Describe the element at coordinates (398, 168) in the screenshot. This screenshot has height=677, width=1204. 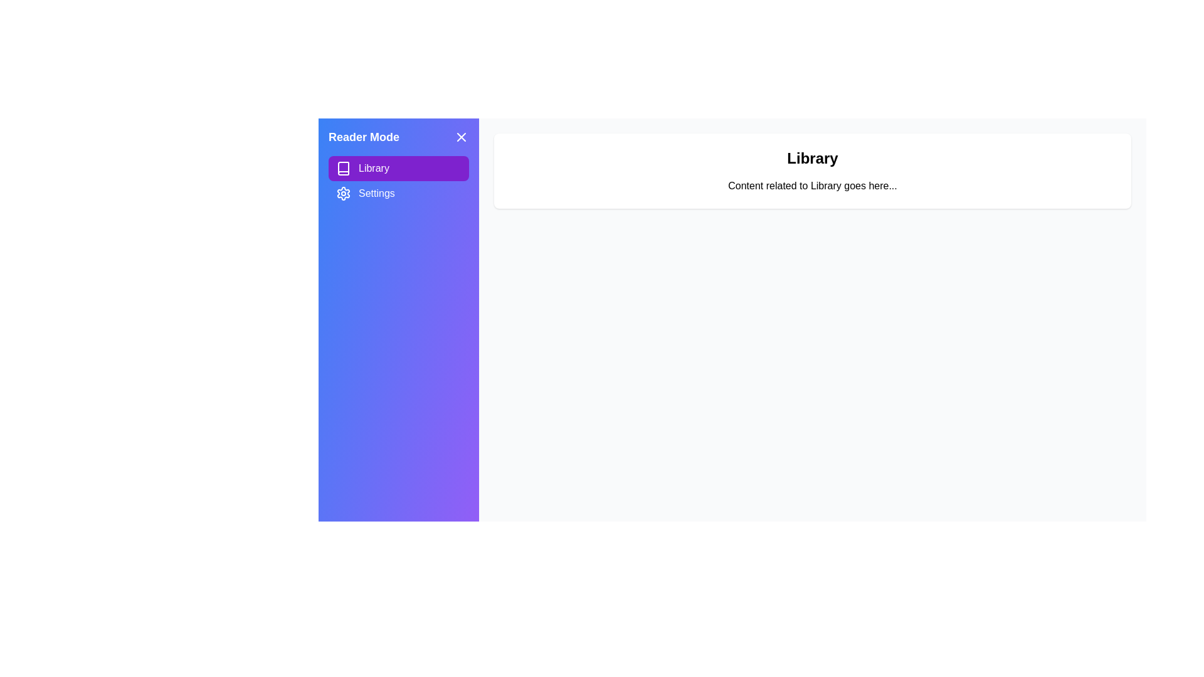
I see `the section Library from the drawer menu` at that location.